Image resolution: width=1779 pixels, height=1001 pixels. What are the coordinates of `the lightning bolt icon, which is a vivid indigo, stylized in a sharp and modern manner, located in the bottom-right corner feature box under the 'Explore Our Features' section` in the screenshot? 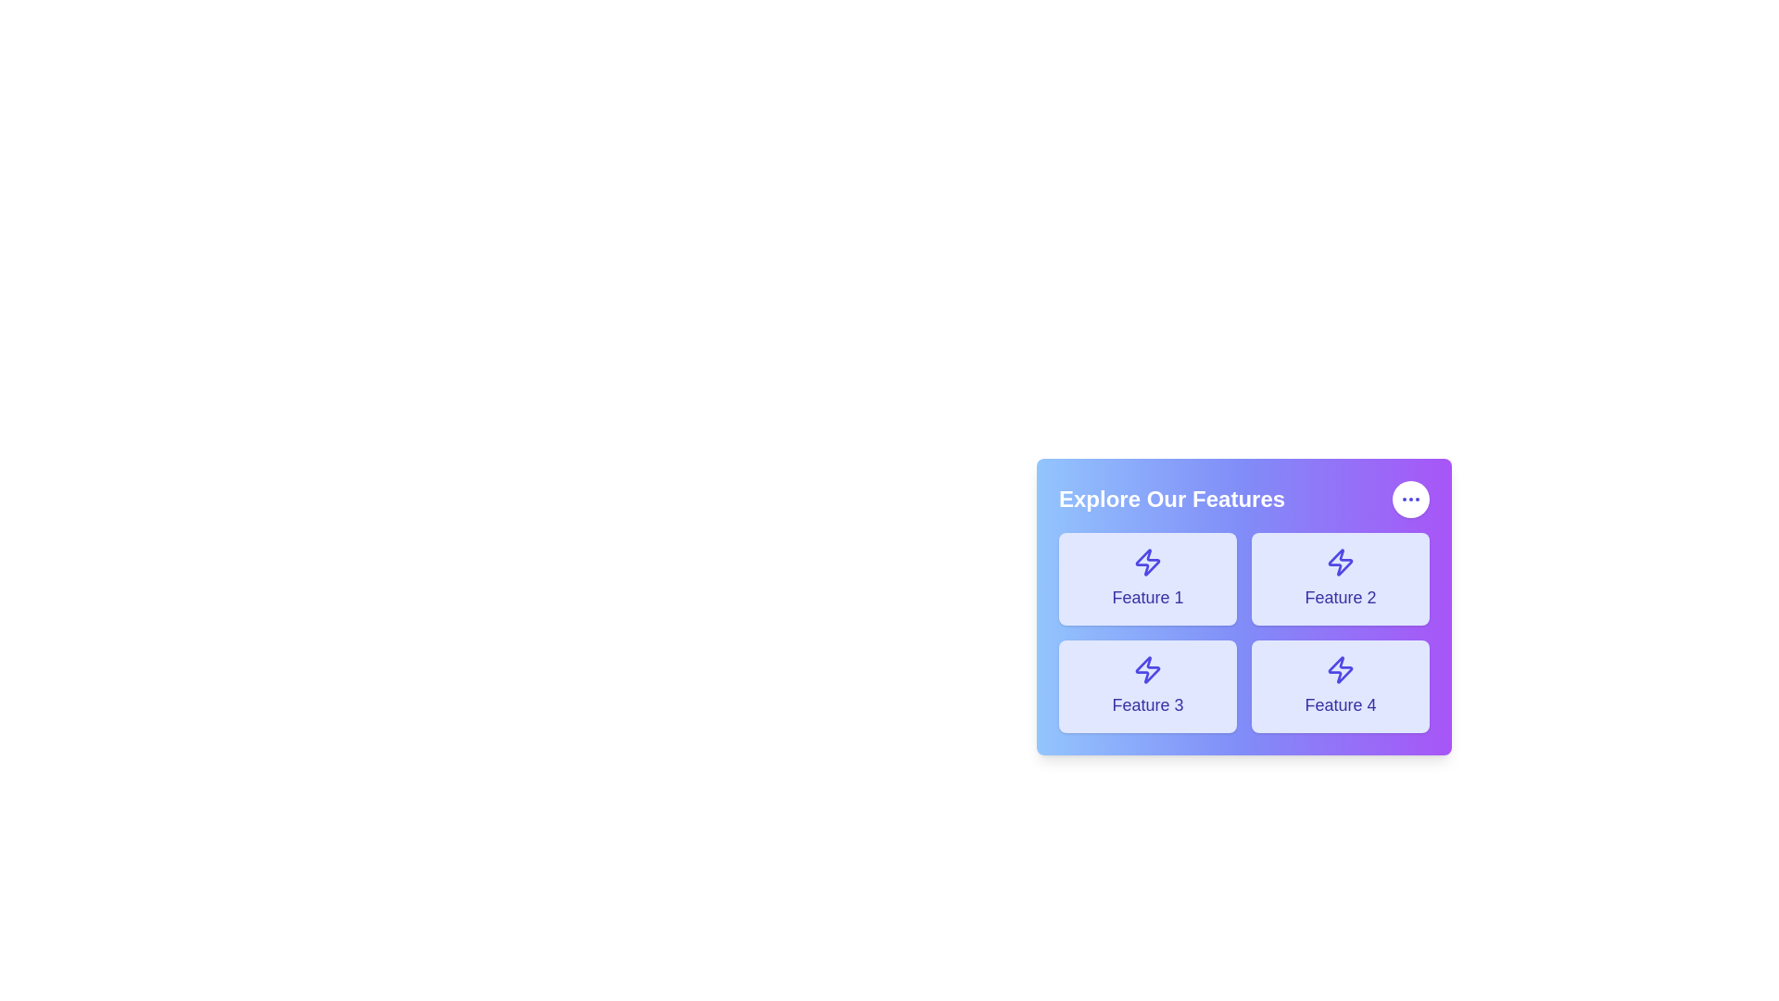 It's located at (1340, 669).